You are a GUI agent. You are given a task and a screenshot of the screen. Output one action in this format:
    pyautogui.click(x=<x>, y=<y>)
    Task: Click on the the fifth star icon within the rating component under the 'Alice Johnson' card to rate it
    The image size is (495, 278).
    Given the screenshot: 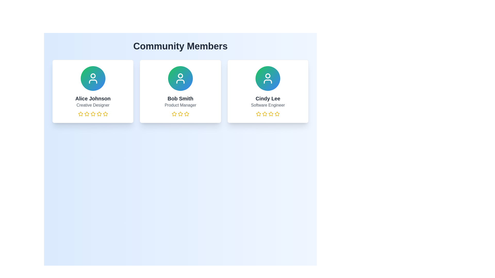 What is the action you would take?
    pyautogui.click(x=105, y=114)
    